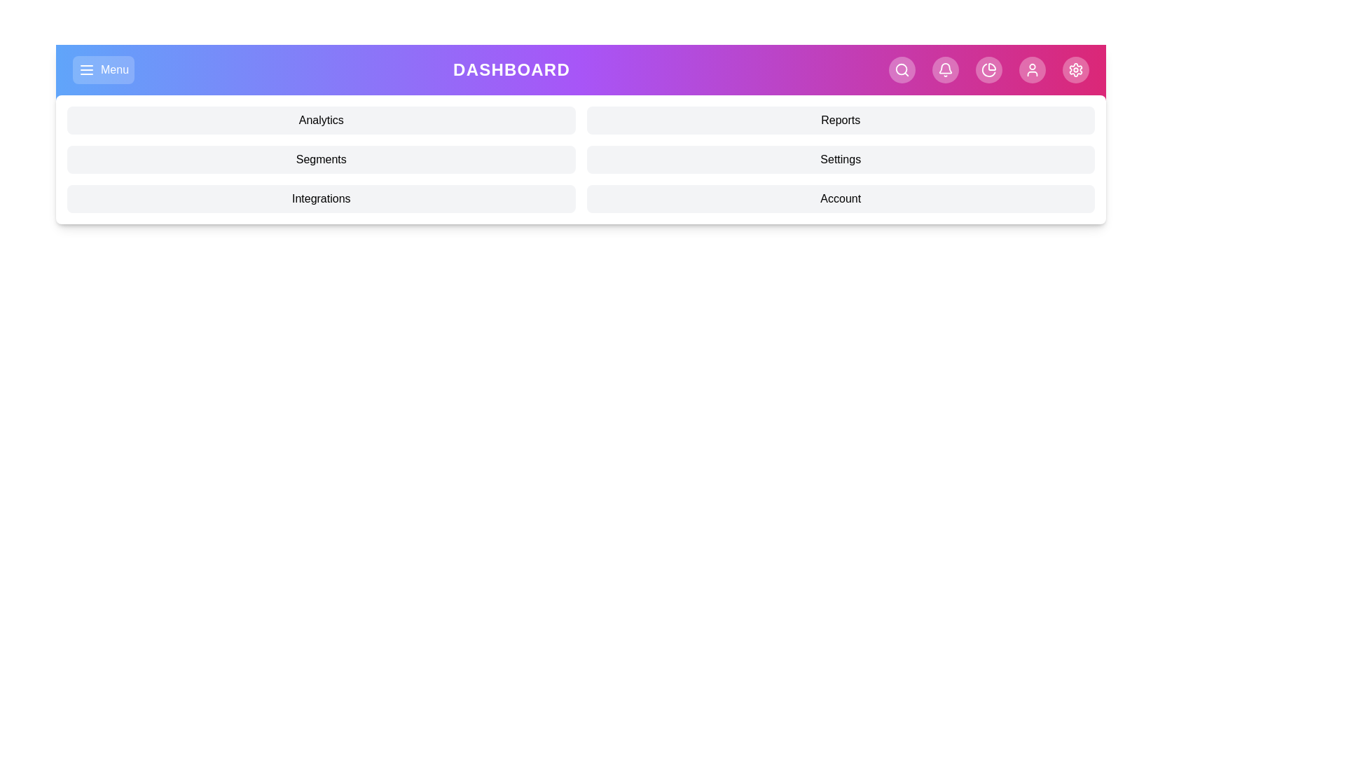 This screenshot has height=757, width=1345. I want to click on the Search navigation icon, so click(902, 70).